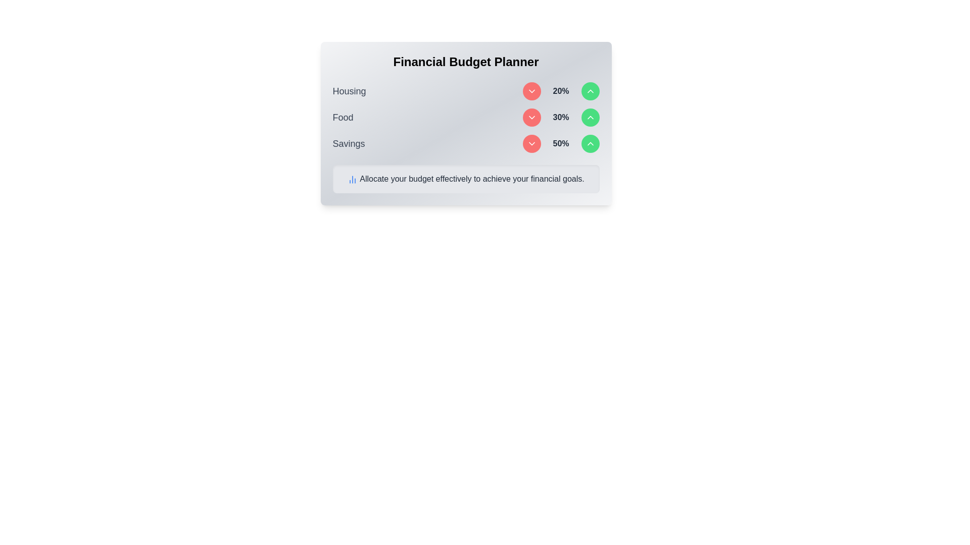 The width and height of the screenshot is (970, 545). I want to click on the text of the 'Food' row in the financial planner interface, so click(465, 117).